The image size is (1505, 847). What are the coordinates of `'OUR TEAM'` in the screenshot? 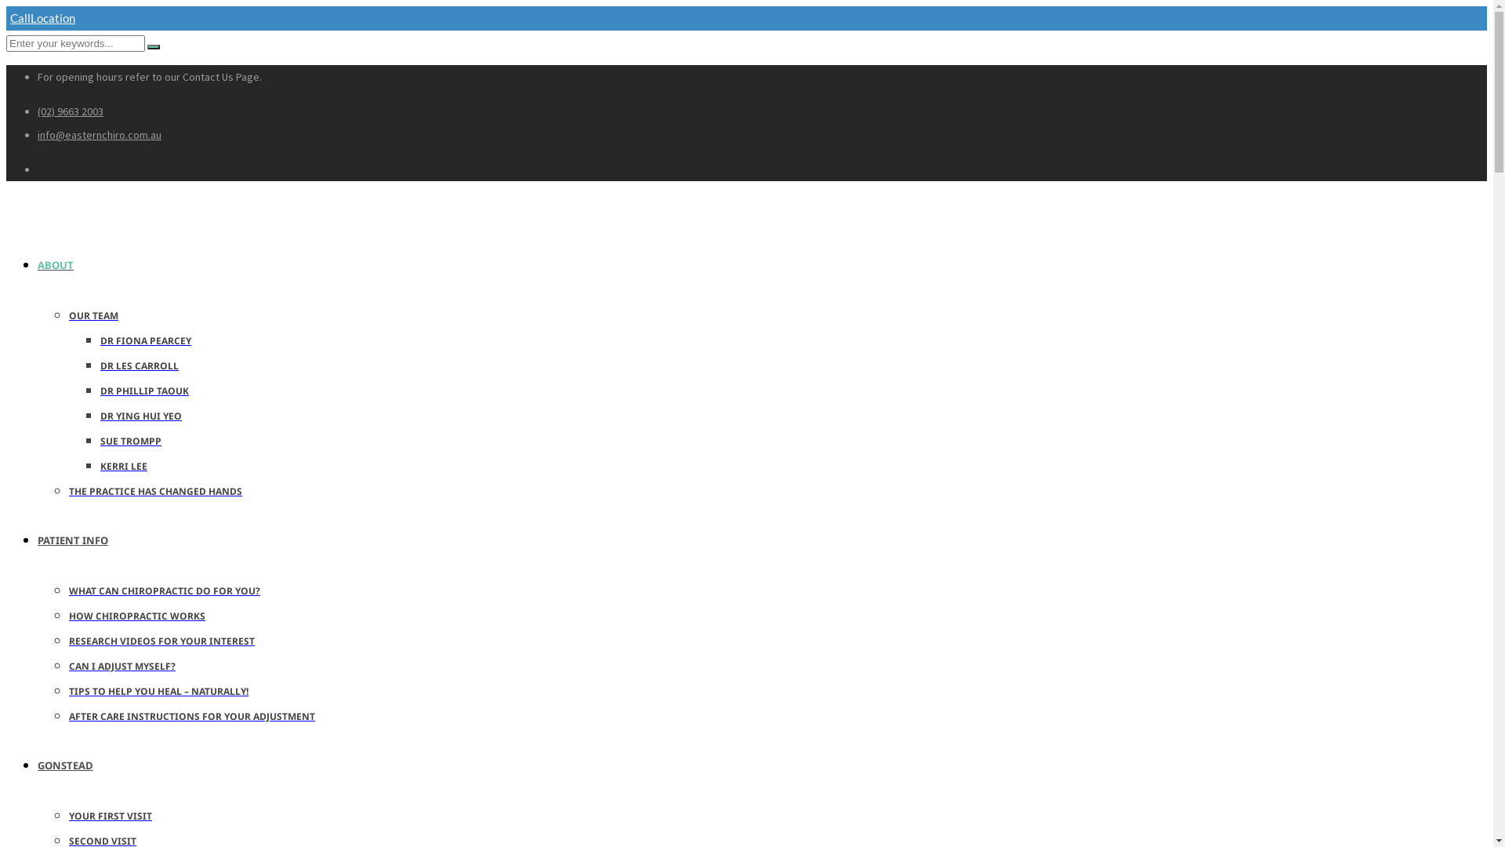 It's located at (67, 315).